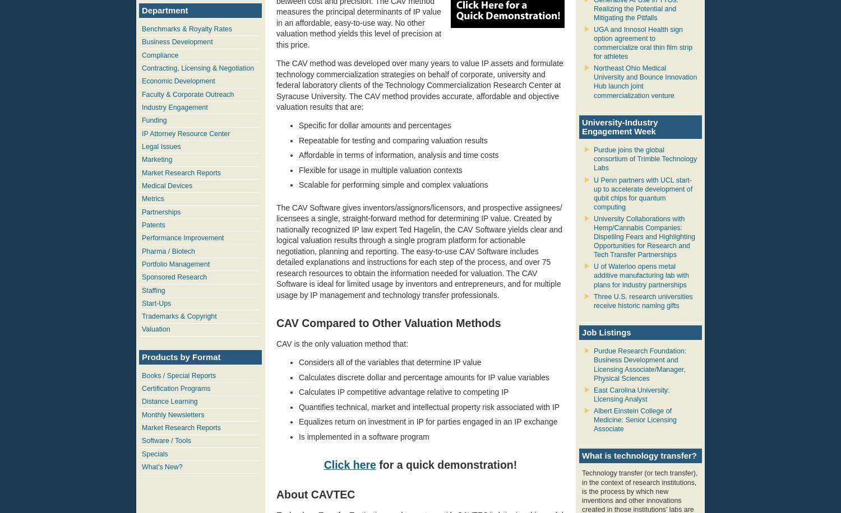 The image size is (841, 513). What do you see at coordinates (298, 421) in the screenshot?
I see `'Equalizes return on investment in IP for parties engaged in an IP exchange'` at bounding box center [298, 421].